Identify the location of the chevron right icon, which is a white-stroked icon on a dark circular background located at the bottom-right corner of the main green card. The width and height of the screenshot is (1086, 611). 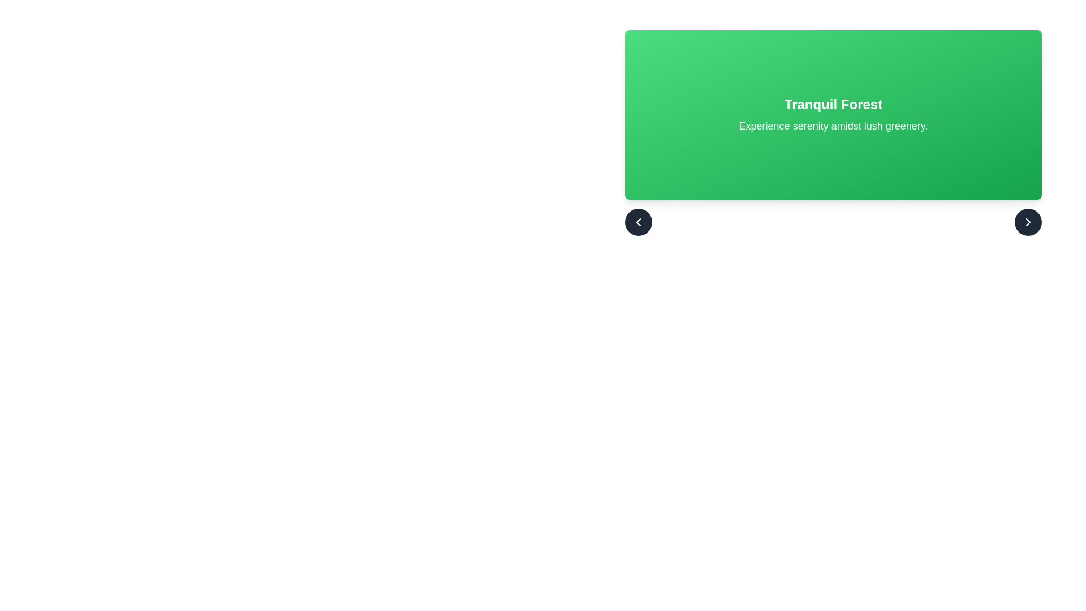
(1028, 222).